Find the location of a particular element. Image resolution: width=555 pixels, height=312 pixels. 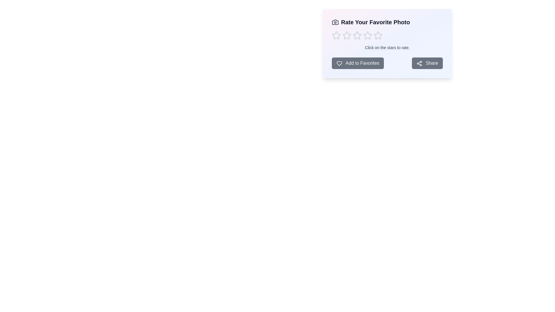

the camera icon located in the upper-left corner of the card layout, which is styled with a thin stroke and is positioned next to the text 'Rate Your Favorite Photo' is located at coordinates (335, 22).